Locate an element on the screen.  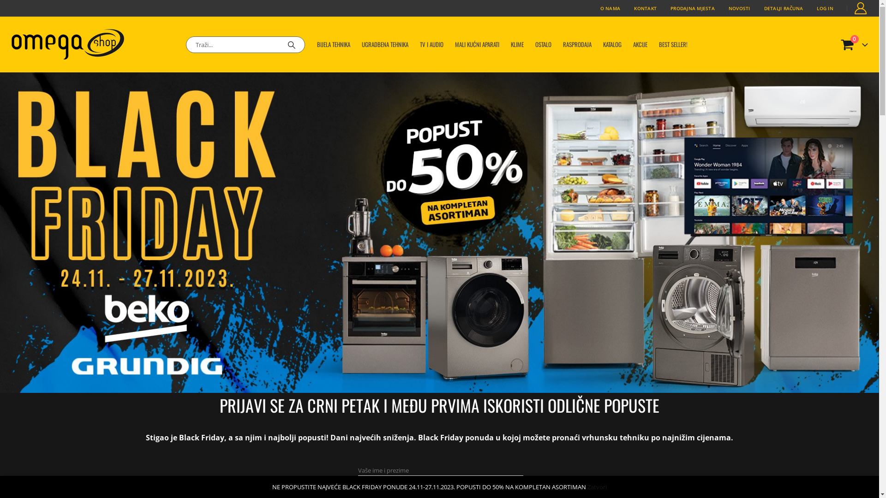
'KATALOG' is located at coordinates (612, 44).